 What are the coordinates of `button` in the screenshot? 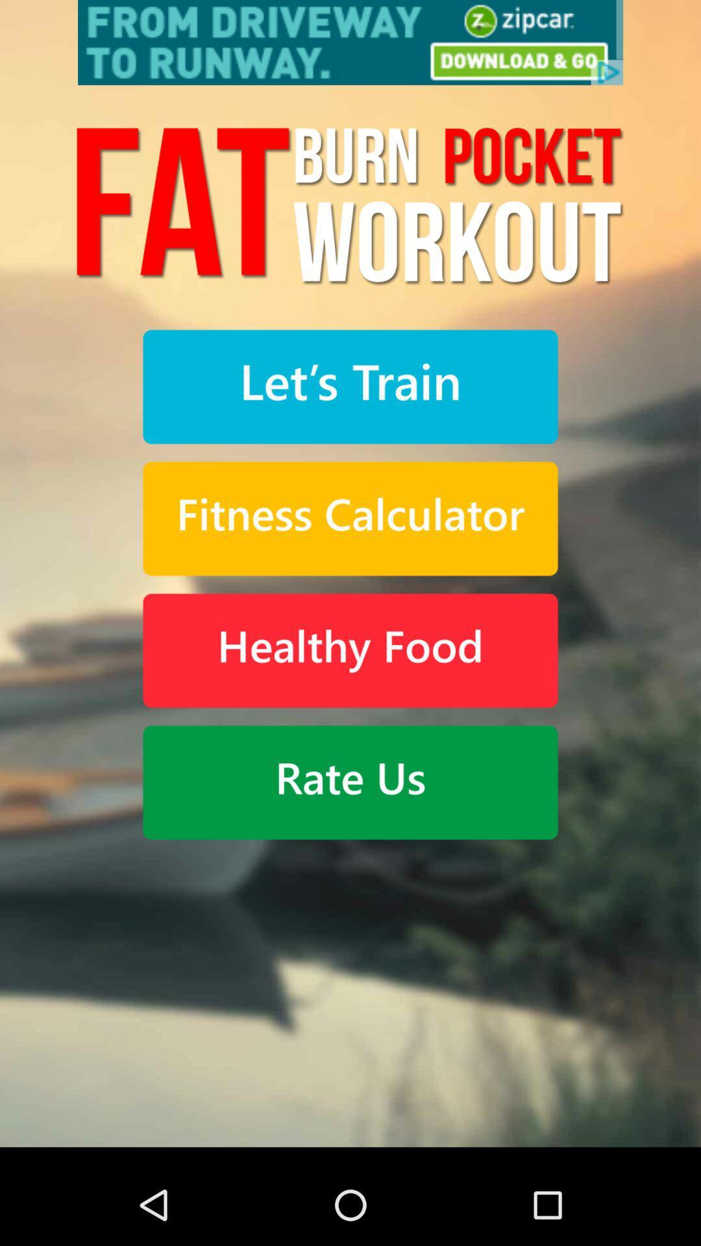 It's located at (350, 781).